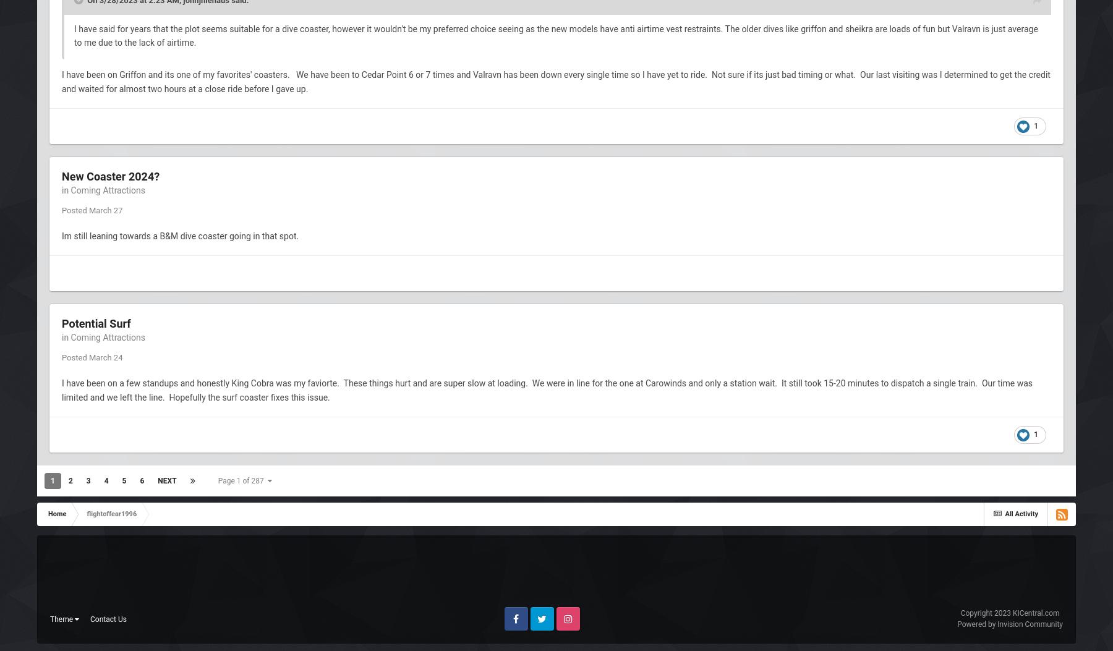  I want to click on 'I have said for years that the plot seems suitable for a dive coaster, however it wouldn't be my preferred choice seeing as the new models have anti airtime vest restraints. The older dives like griffon and sheikra are loads of fun but Valravn is just average to me due to the lack of airtime.', so click(555, 35).